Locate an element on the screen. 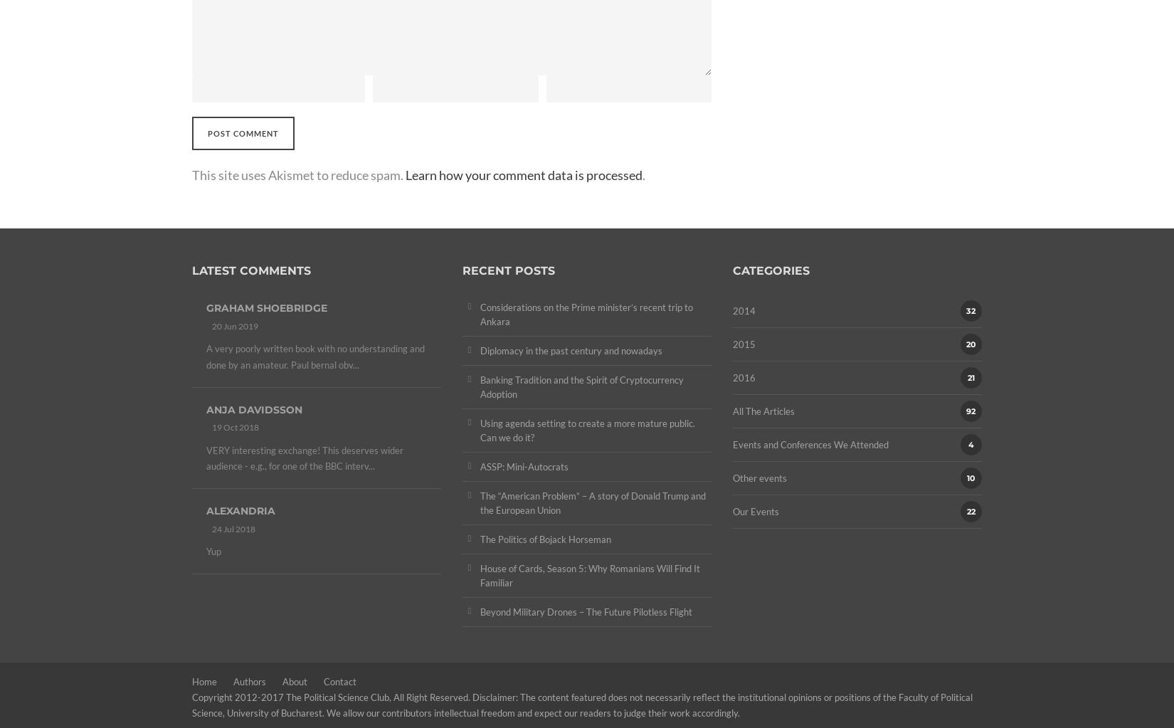 The width and height of the screenshot is (1174, 728). 'A very poorly written book with no  understanding  and done by an amateur. Paul bernal obv...' is located at coordinates (314, 356).